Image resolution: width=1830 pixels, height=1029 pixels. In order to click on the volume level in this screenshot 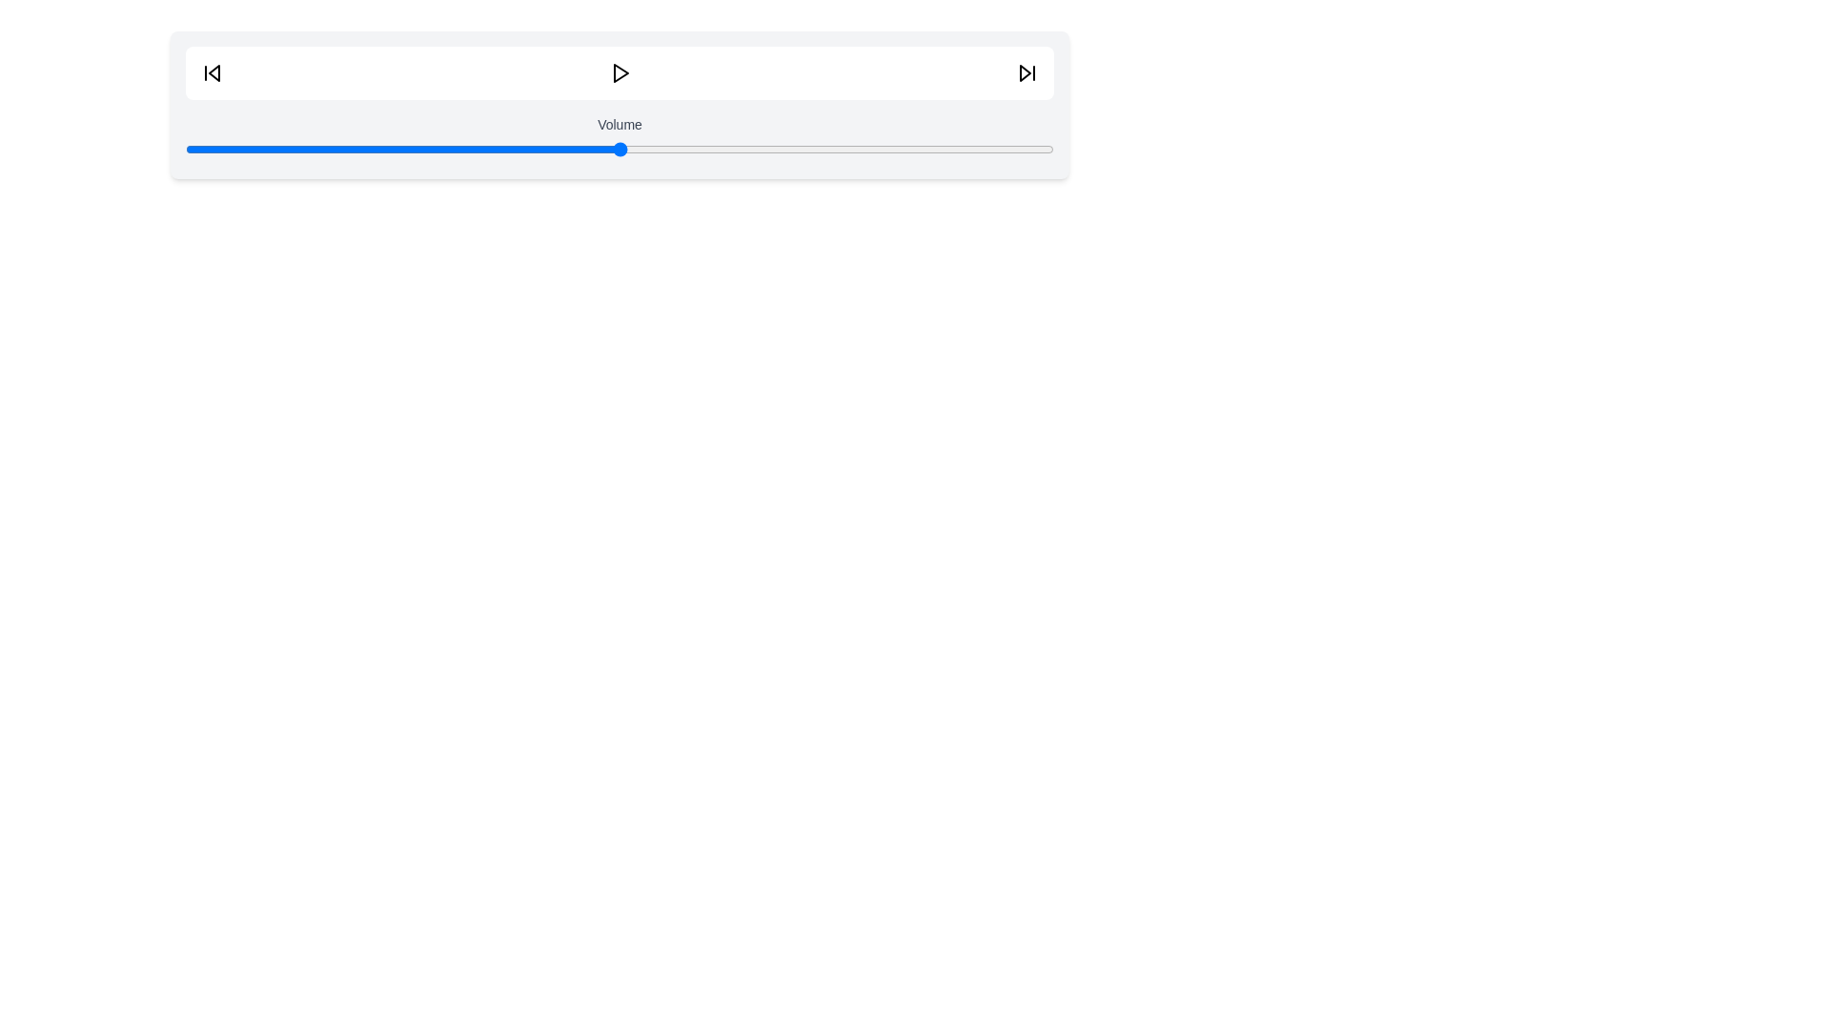, I will do `click(992, 149)`.